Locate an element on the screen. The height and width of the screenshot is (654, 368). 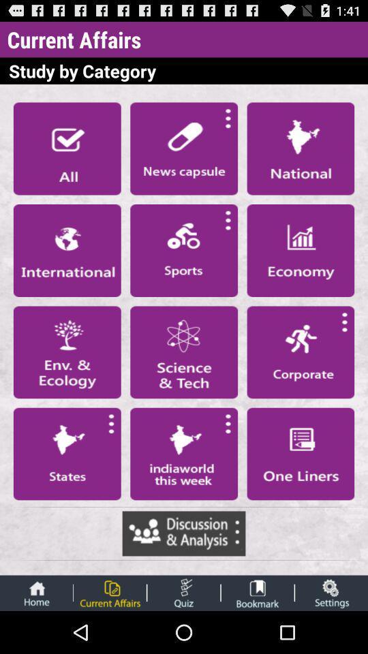
show all categories is located at coordinates (66, 149).